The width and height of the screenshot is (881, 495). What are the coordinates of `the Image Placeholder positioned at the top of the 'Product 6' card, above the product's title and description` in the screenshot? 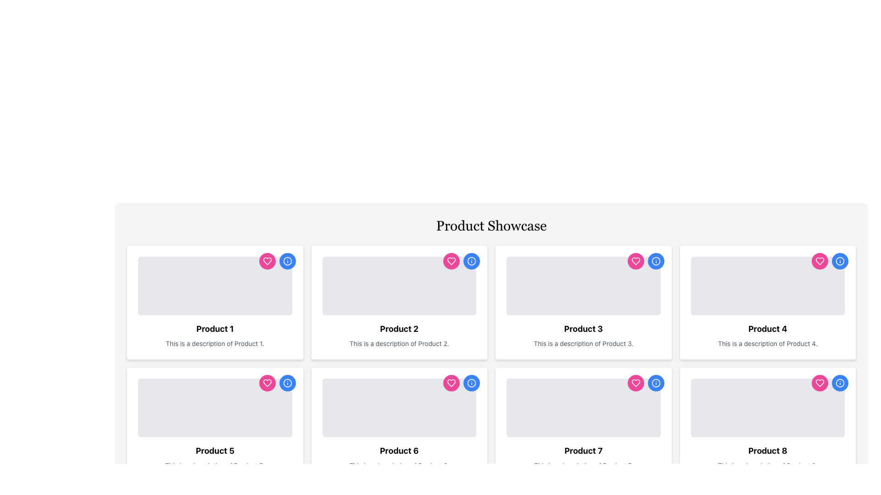 It's located at (399, 407).